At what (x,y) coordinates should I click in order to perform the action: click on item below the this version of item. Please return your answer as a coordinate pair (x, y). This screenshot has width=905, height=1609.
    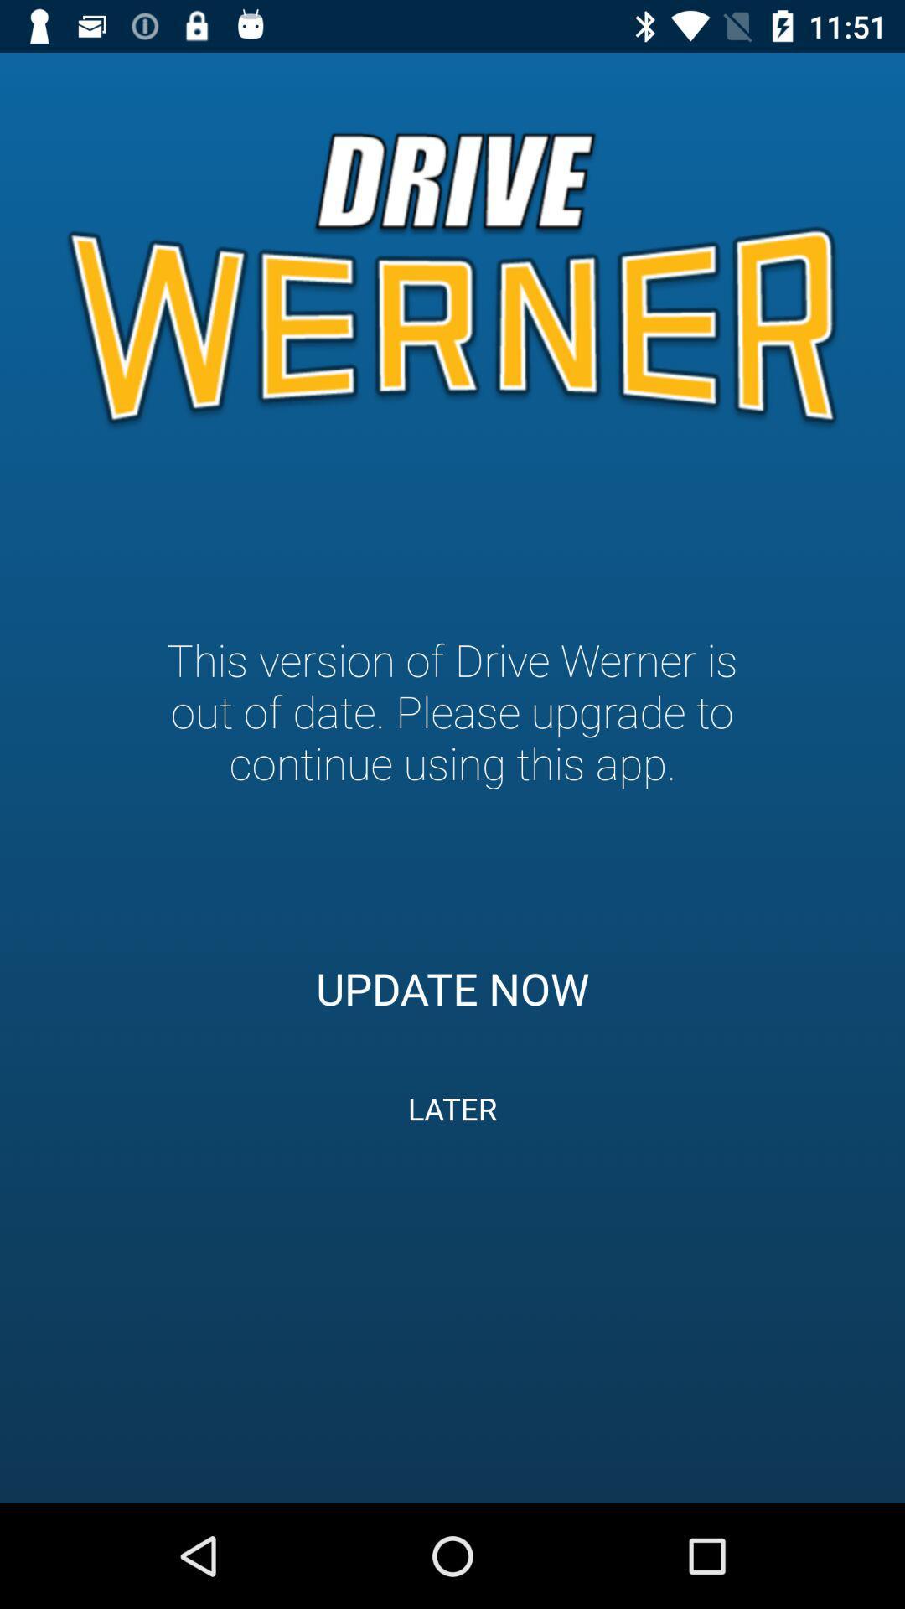
    Looking at the image, I should click on (452, 988).